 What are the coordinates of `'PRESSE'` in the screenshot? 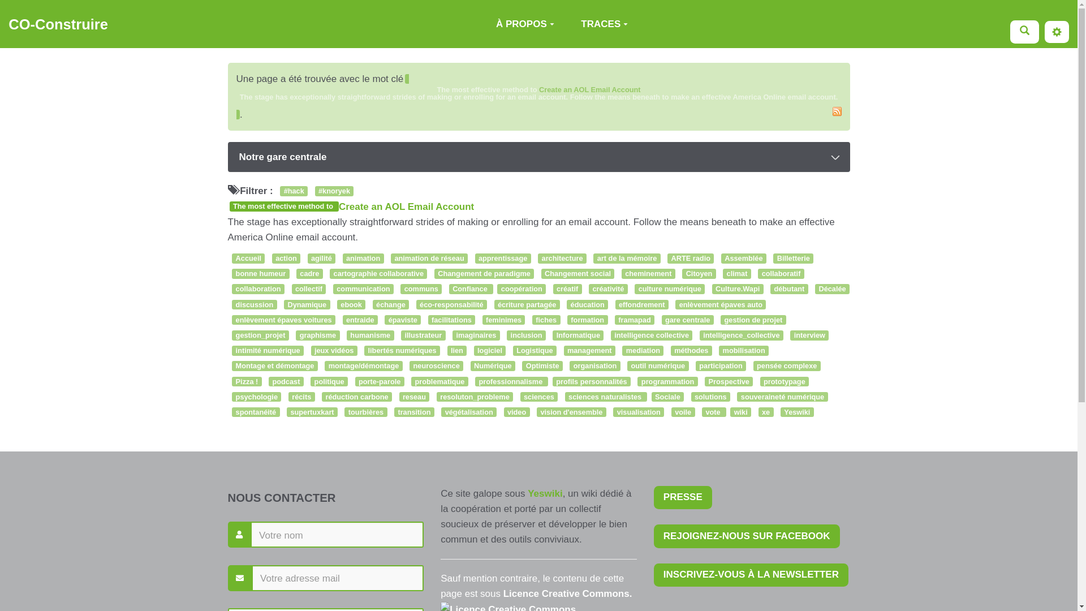 It's located at (682, 497).